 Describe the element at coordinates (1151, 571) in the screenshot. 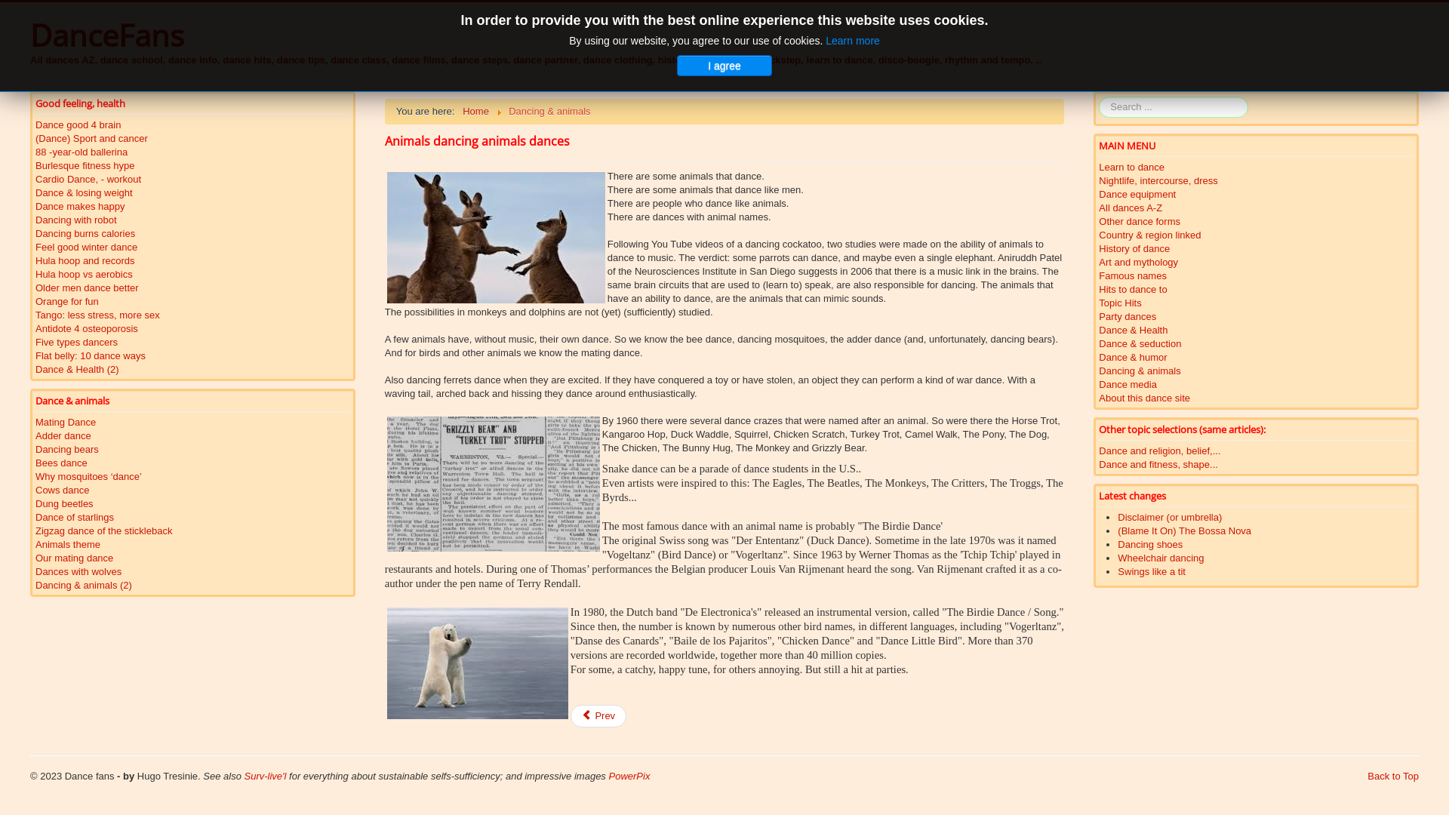

I see `'Swings like a tit'` at that location.